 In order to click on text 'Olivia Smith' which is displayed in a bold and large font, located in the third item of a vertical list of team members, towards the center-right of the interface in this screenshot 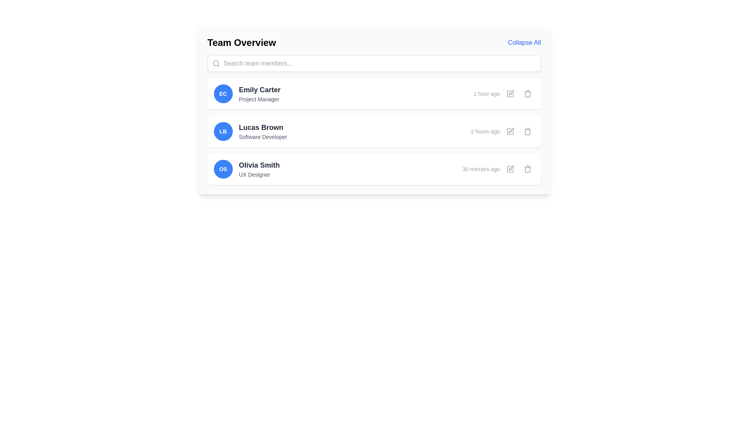, I will do `click(259, 164)`.